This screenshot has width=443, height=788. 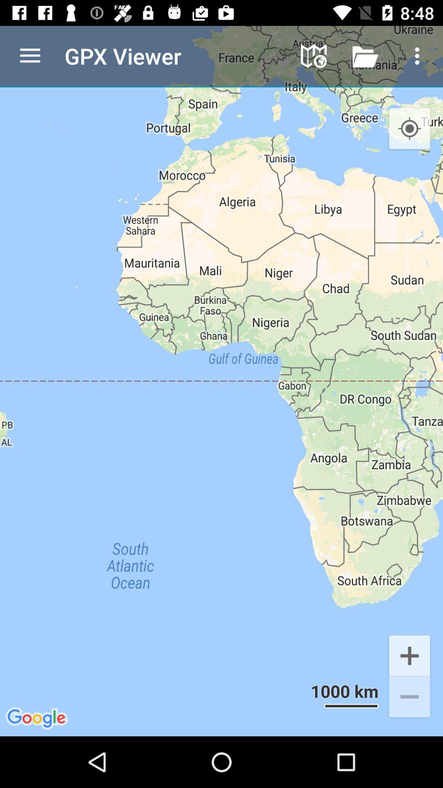 What do you see at coordinates (409, 655) in the screenshot?
I see `the add icon` at bounding box center [409, 655].